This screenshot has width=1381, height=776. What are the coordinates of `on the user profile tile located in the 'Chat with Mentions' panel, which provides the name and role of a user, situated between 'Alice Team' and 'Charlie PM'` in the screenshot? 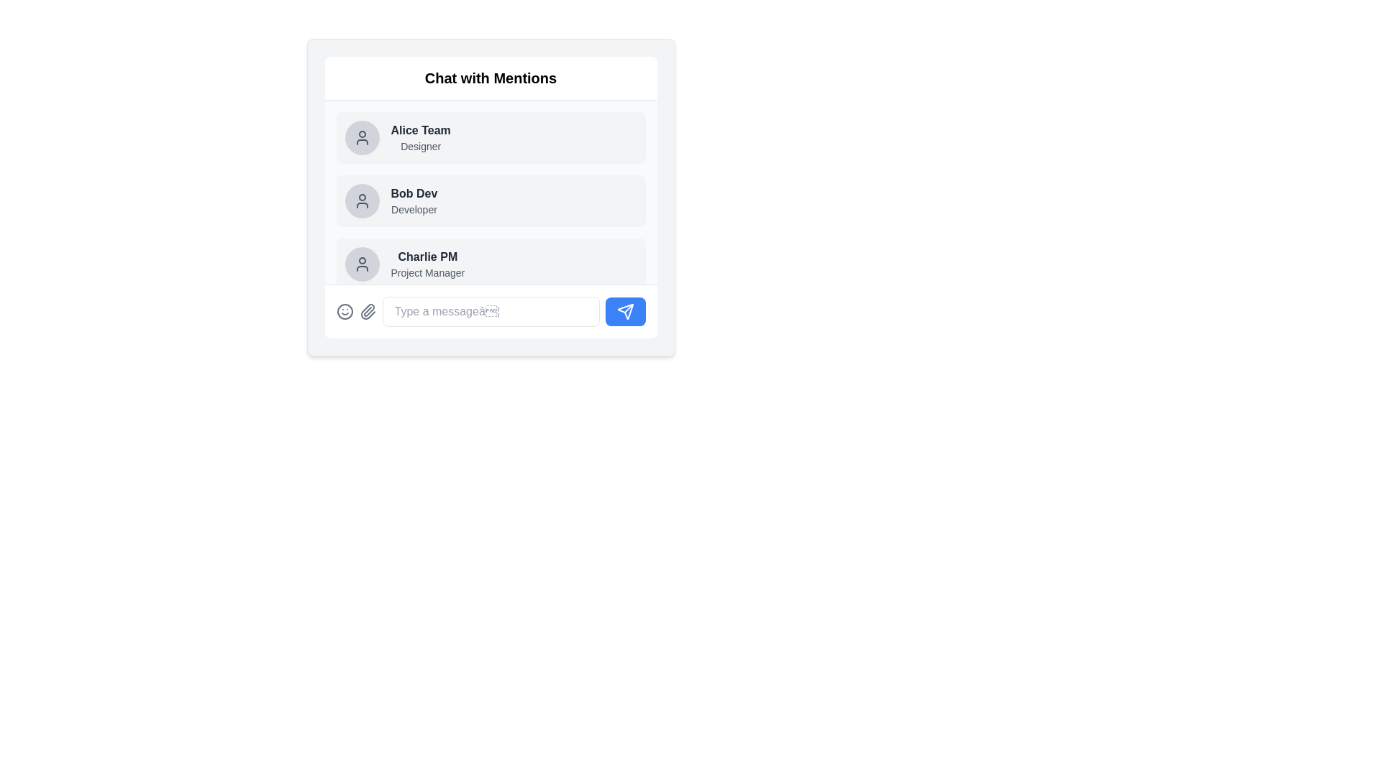 It's located at (491, 201).